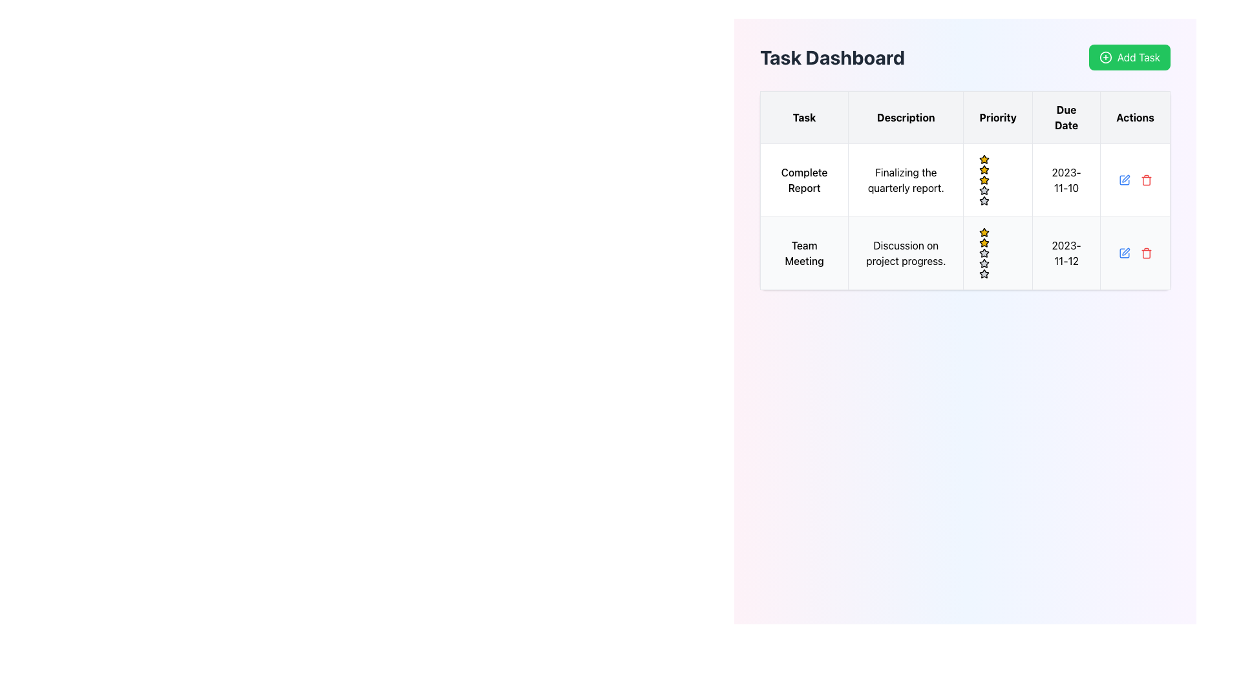  What do you see at coordinates (984, 242) in the screenshot?
I see `the first star-shaped indicator in the 'Priority' column of the table's second row` at bounding box center [984, 242].